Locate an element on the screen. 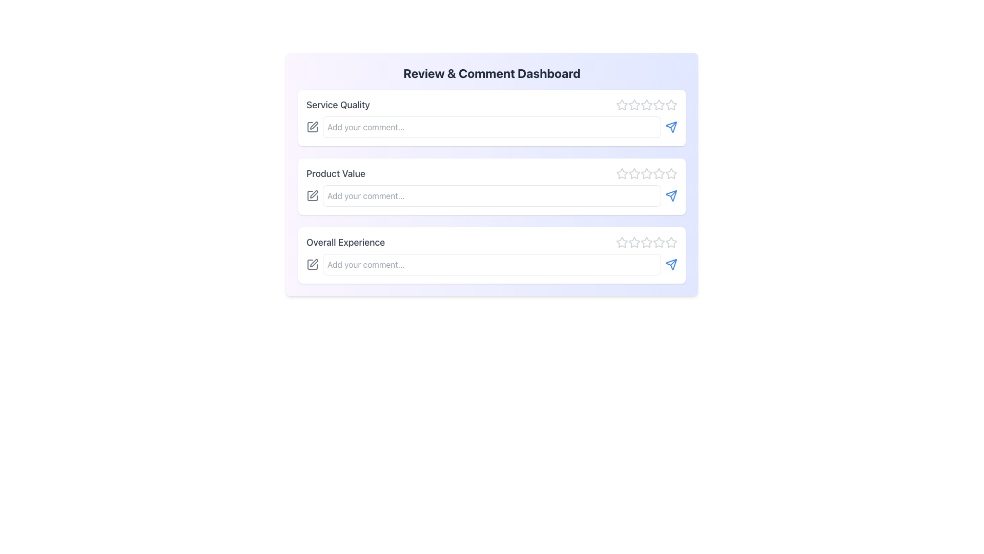 The height and width of the screenshot is (554, 984). to select text in the horizontal text input field with light gray borders and rounded corners, which contains the placeholder text 'Add your comment...' is located at coordinates (492, 195).